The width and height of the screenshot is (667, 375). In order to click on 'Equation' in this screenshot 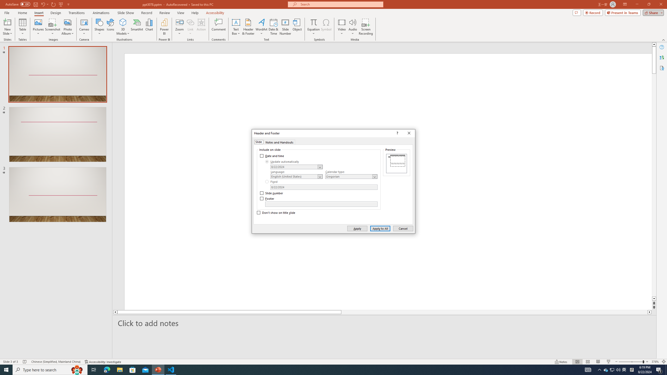, I will do `click(313, 27)`.